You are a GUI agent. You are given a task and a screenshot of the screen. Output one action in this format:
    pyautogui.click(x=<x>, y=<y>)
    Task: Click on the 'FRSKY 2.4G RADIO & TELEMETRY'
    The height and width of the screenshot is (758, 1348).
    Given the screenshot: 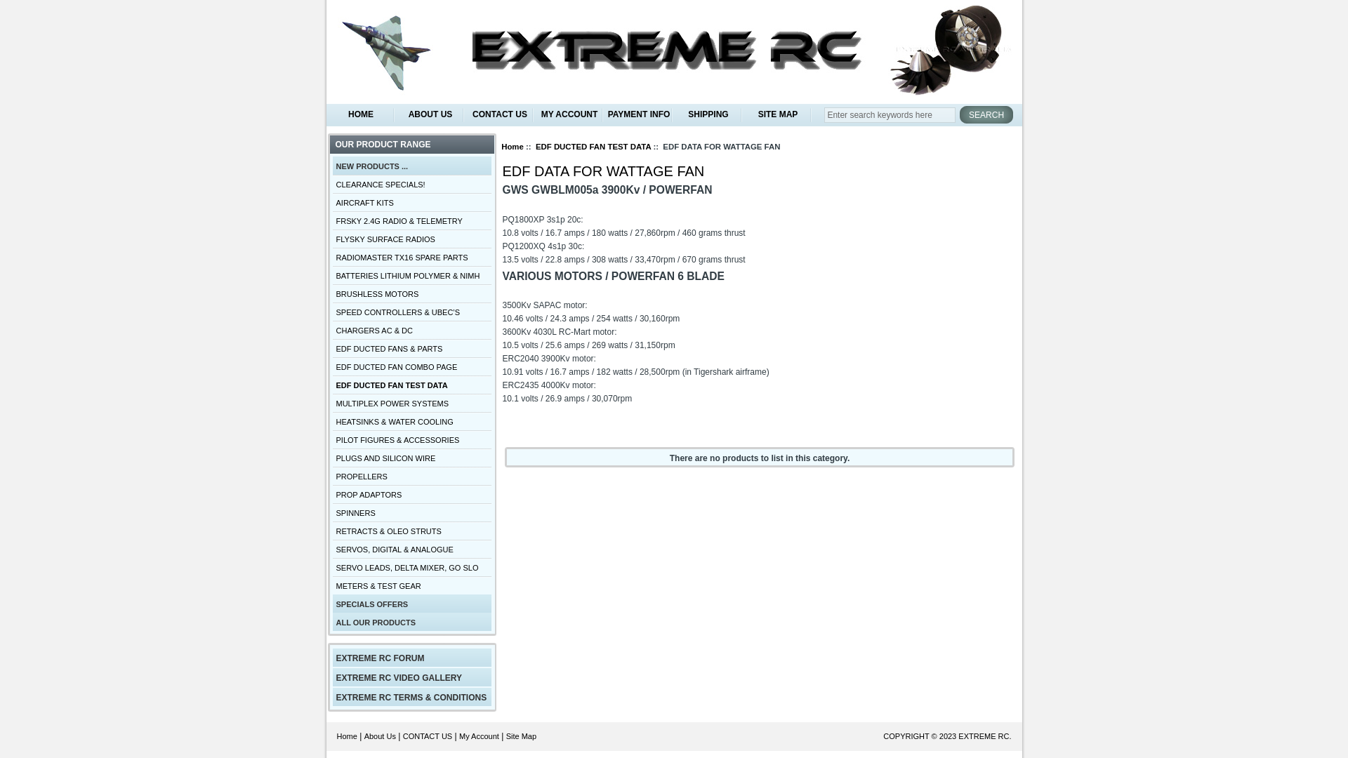 What is the action you would take?
    pyautogui.click(x=411, y=220)
    